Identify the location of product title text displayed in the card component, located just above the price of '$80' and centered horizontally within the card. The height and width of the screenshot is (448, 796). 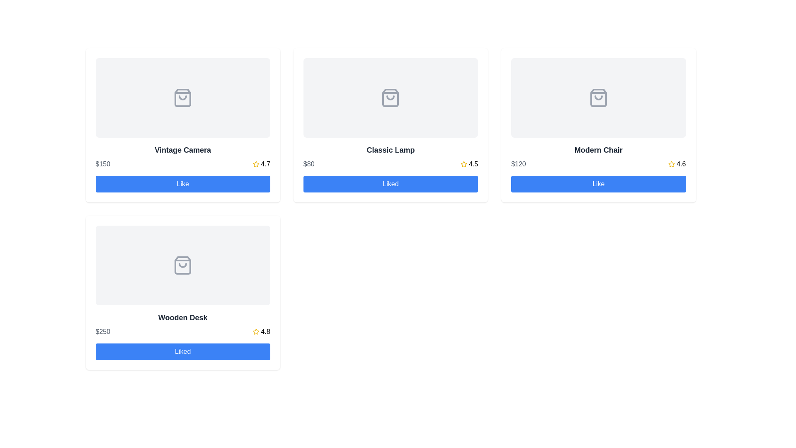
(390, 150).